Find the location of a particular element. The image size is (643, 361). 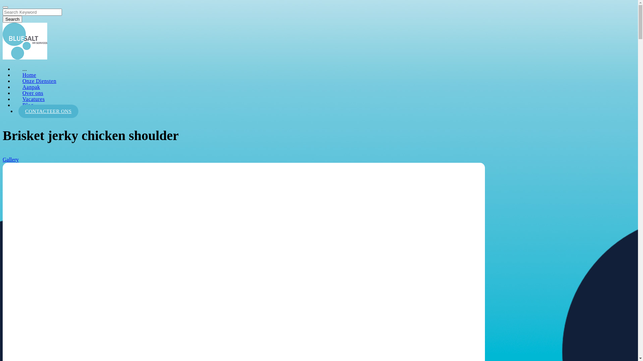

'Onze Diensten' is located at coordinates (39, 81).